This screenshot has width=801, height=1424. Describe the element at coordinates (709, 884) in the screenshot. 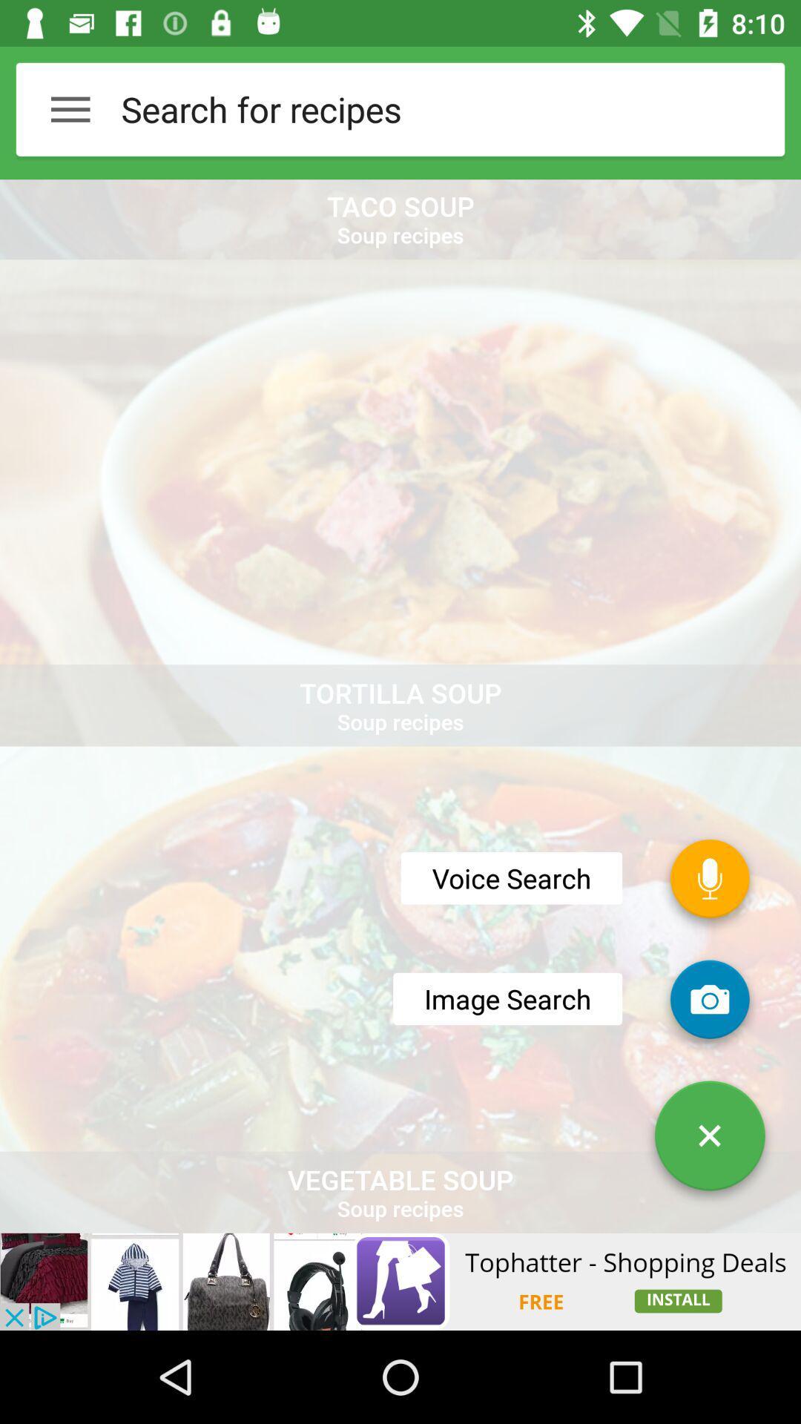

I see `the microphone icon` at that location.